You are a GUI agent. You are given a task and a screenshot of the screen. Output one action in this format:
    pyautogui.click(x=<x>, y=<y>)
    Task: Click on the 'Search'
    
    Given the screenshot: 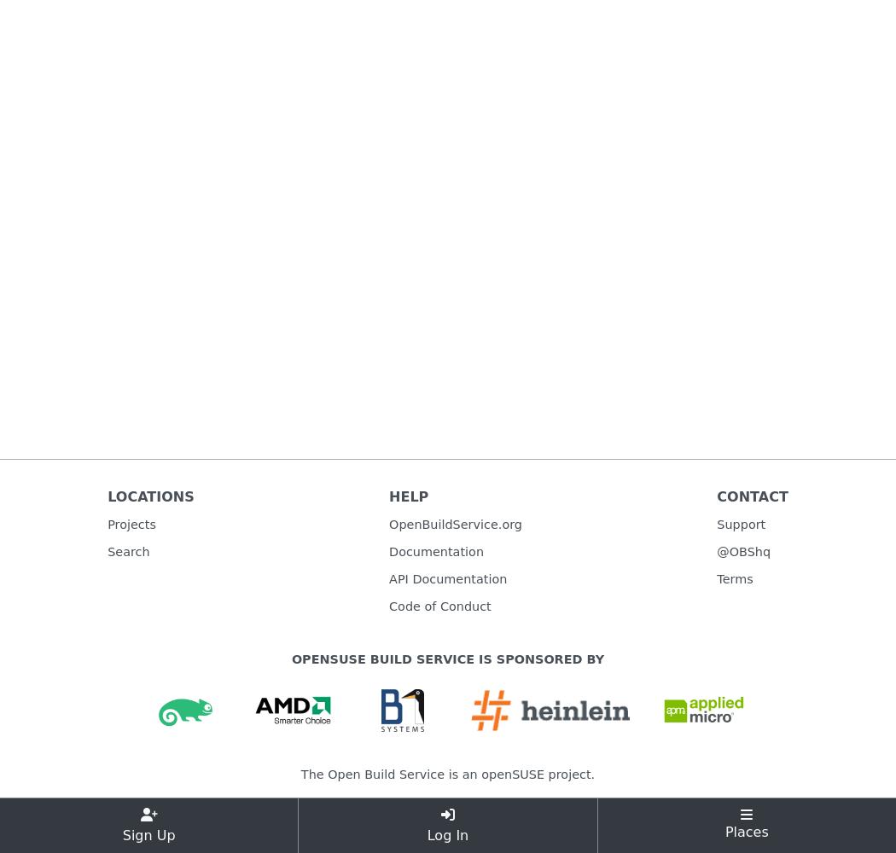 What is the action you would take?
    pyautogui.click(x=128, y=551)
    